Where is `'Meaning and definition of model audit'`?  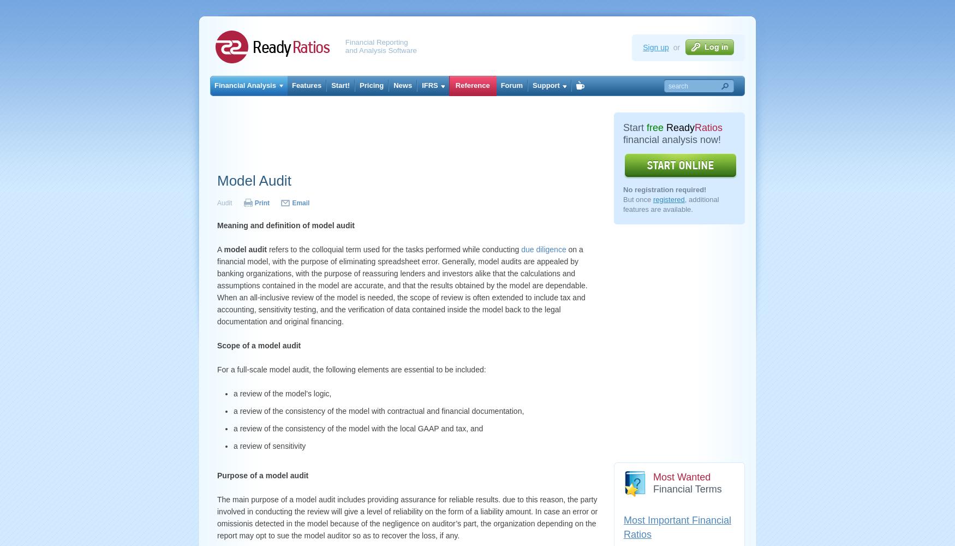 'Meaning and definition of model audit' is located at coordinates (285, 225).